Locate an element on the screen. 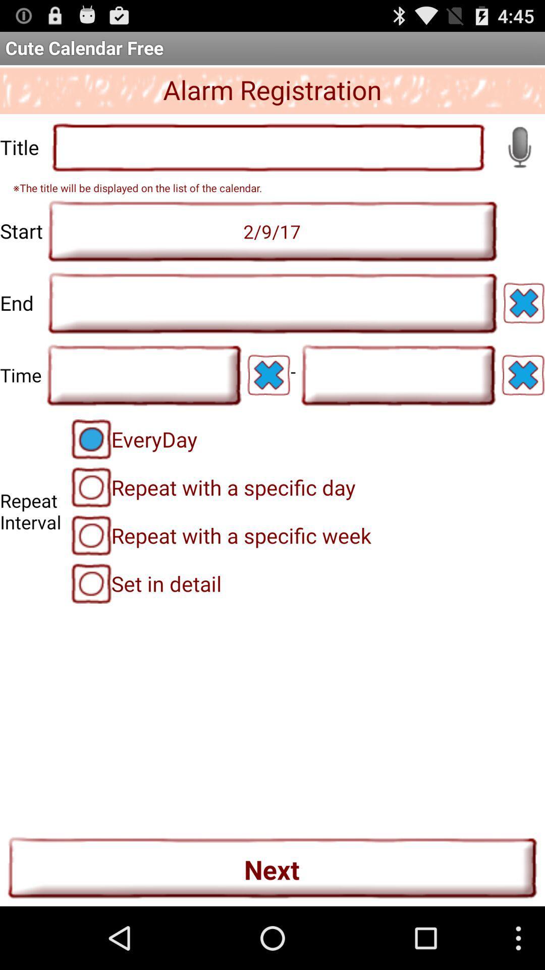  item above next item is located at coordinates (146, 584).